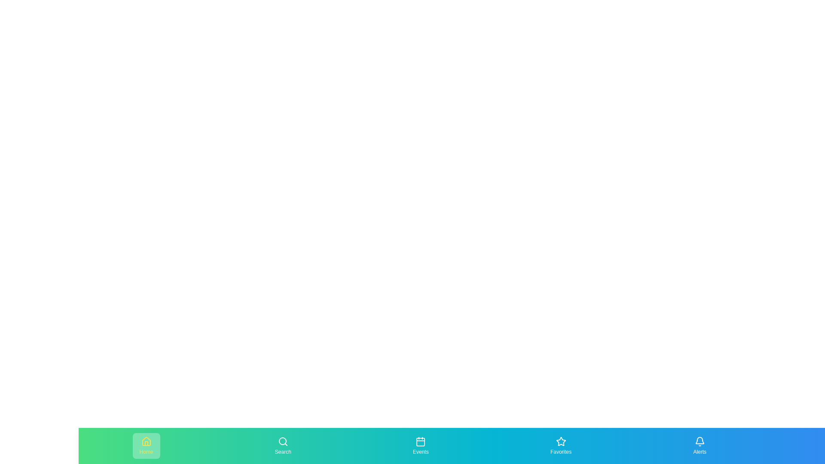 Image resolution: width=825 pixels, height=464 pixels. What do you see at coordinates (146, 445) in the screenshot?
I see `the navigation item Home` at bounding box center [146, 445].